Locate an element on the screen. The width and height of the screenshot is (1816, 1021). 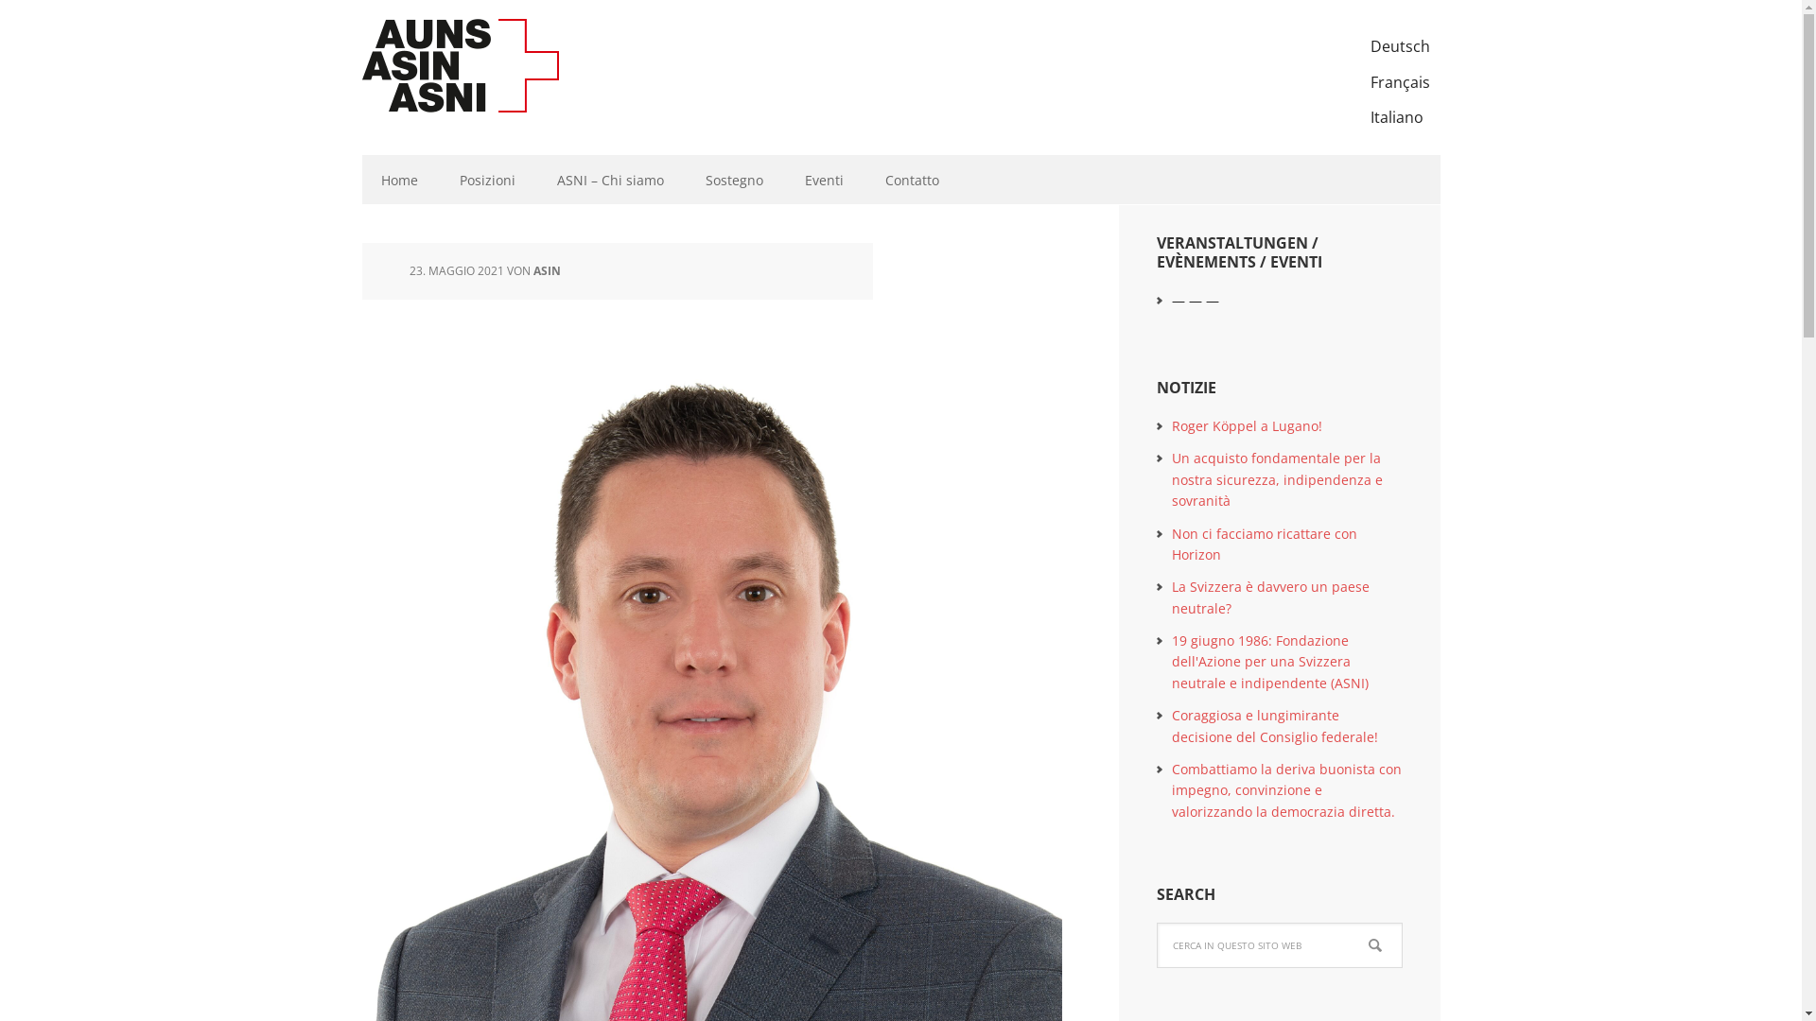
'Non ci facciamo ricattare con Horizon' is located at coordinates (1263, 543).